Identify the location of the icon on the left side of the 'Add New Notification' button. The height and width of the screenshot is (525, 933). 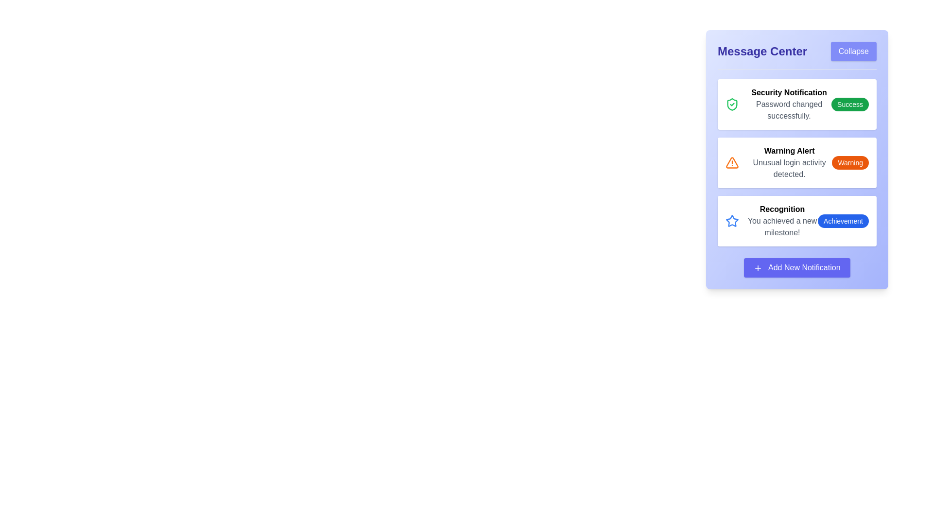
(758, 268).